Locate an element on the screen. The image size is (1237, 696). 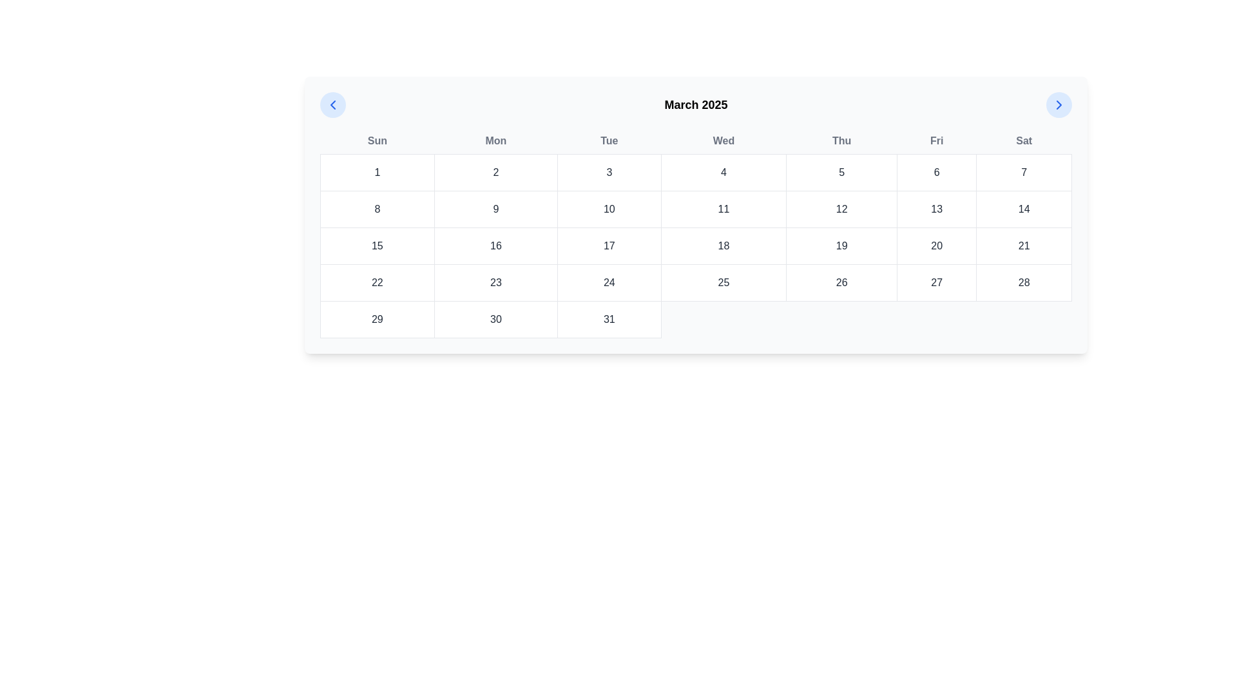
the calendar date cell representing '9' to trigger the hover effect that changes its background color to blue is located at coordinates (495, 208).